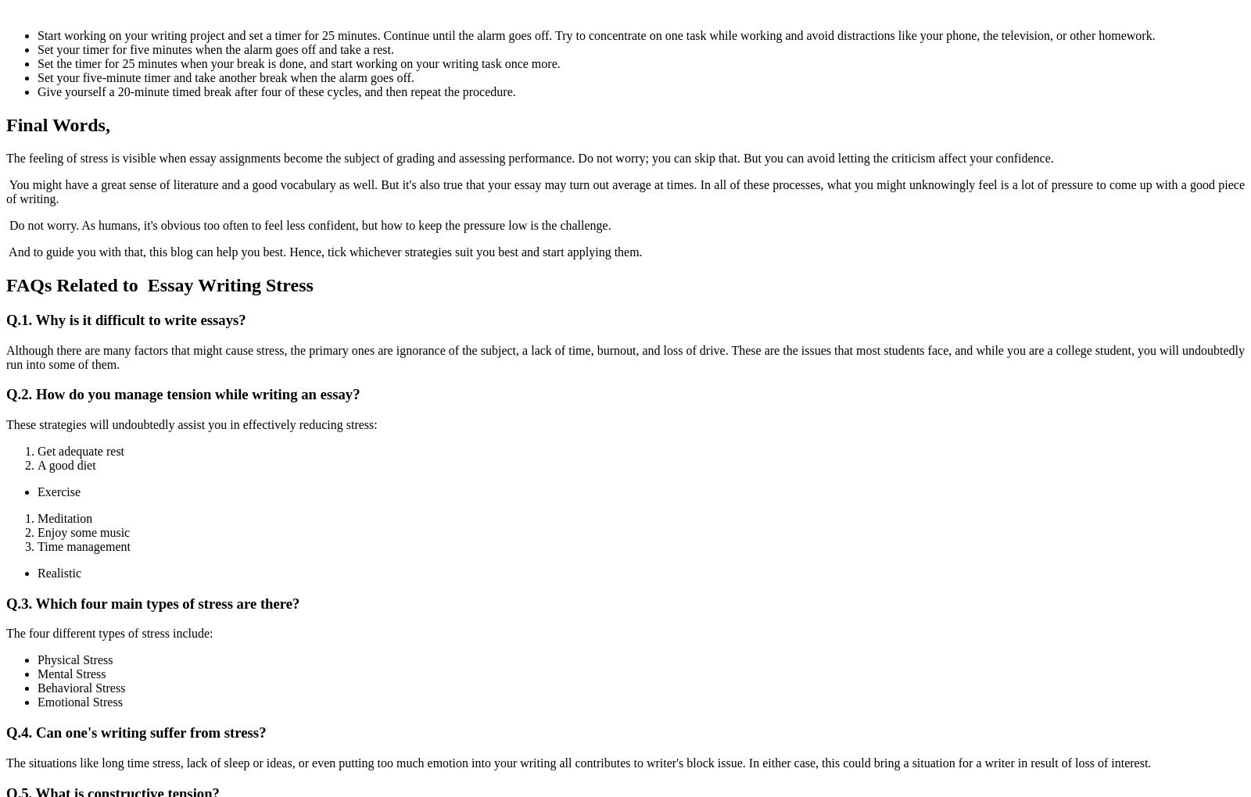 The image size is (1251, 797). Describe the element at coordinates (625, 356) in the screenshot. I see `'Although there are many factors that might cause stress, the primary ones are ignorance of the subject, a lack of time, burnout, and loss of drive. These are the issues that most students face, and while you are a college student, you will undoubtedly run into some of them.'` at that location.